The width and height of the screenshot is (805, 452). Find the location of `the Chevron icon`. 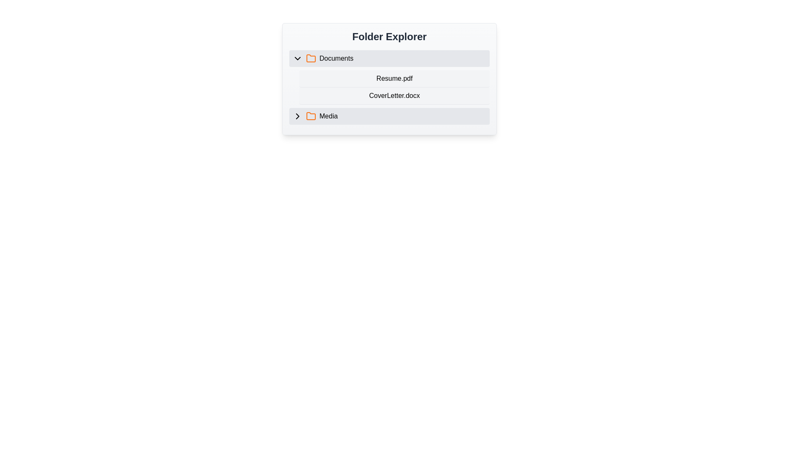

the Chevron icon is located at coordinates (298, 116).